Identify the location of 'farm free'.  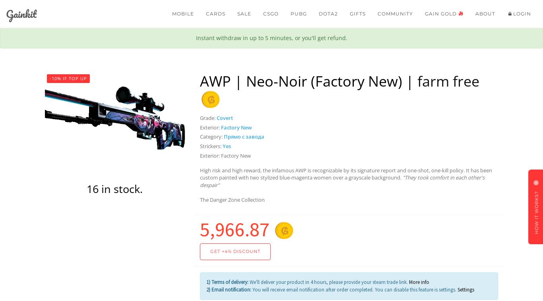
(417, 81).